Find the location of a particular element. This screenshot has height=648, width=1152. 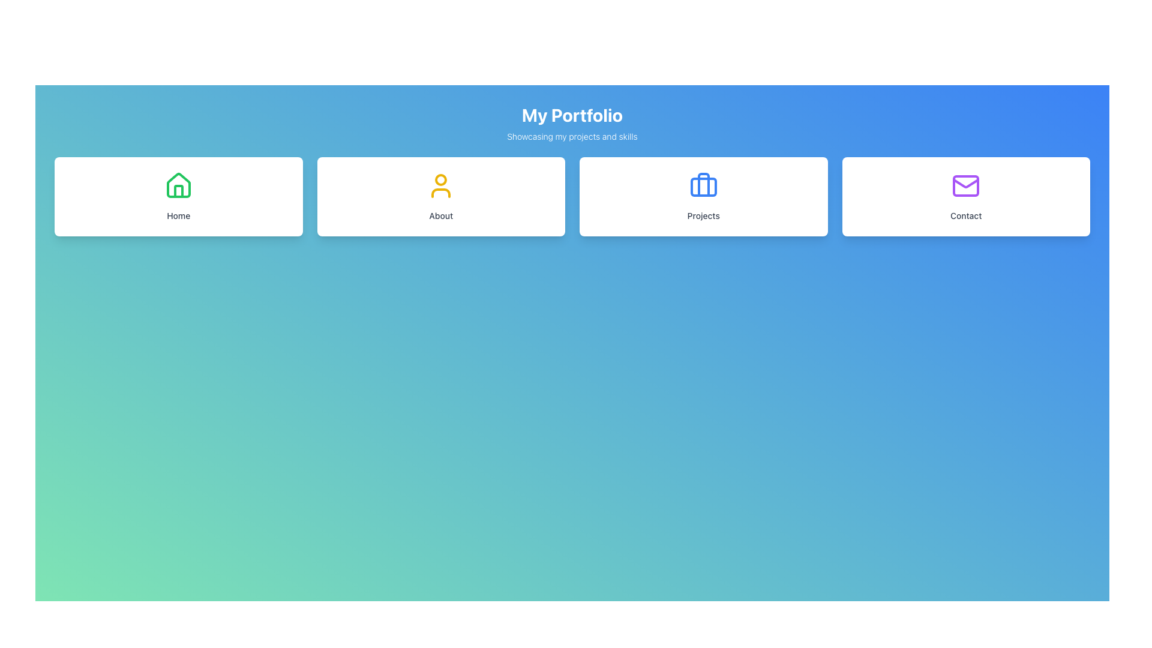

the 'About' text label located in the second card of a four-card layout, which is centrally aligned below the yellow user icon is located at coordinates (440, 215).